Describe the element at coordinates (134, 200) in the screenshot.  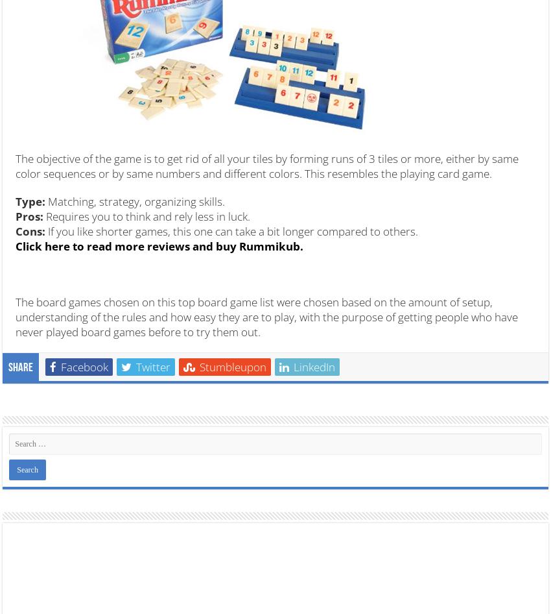
I see `'Matching, strategy, organizing skills.'` at that location.